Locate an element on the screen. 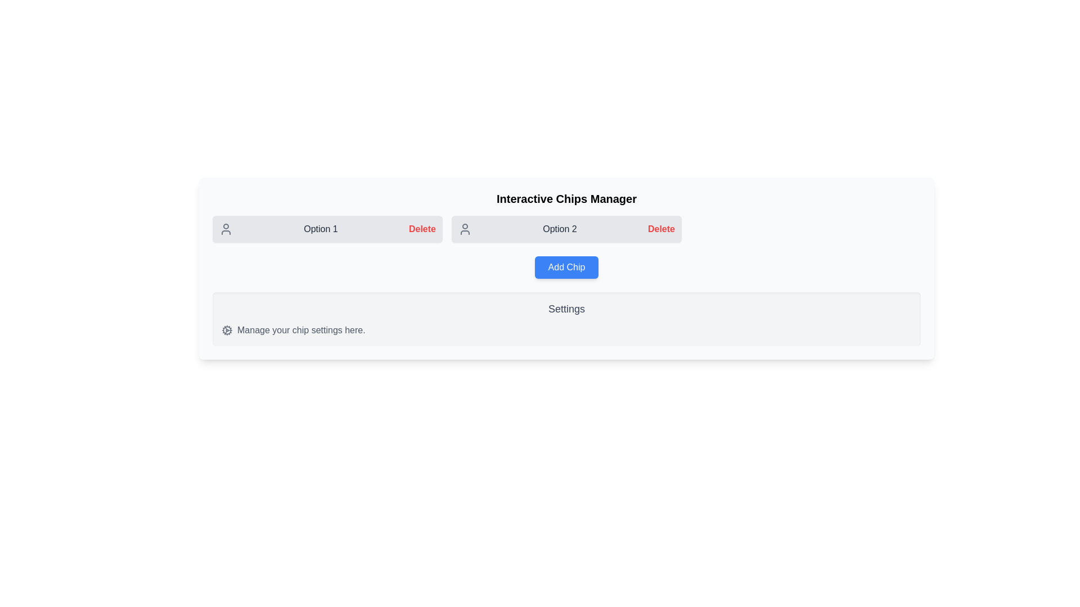 The width and height of the screenshot is (1080, 607). the chip labeled Option 1 by clicking its 'Delete' button is located at coordinates (421, 229).